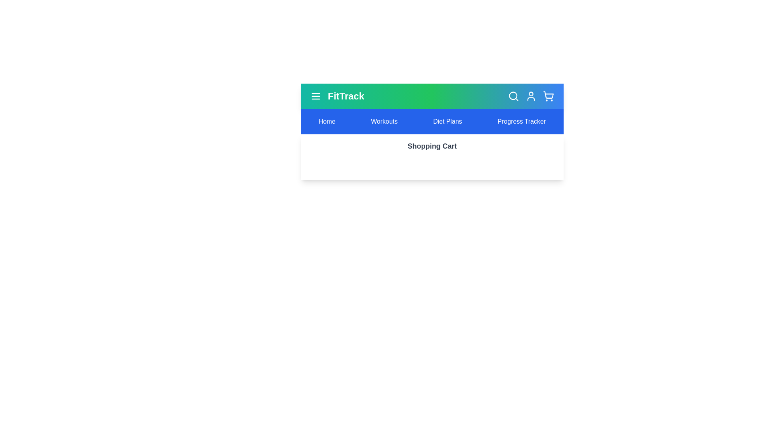 The width and height of the screenshot is (761, 428). I want to click on menu button to toggle the menu open or close, so click(315, 96).